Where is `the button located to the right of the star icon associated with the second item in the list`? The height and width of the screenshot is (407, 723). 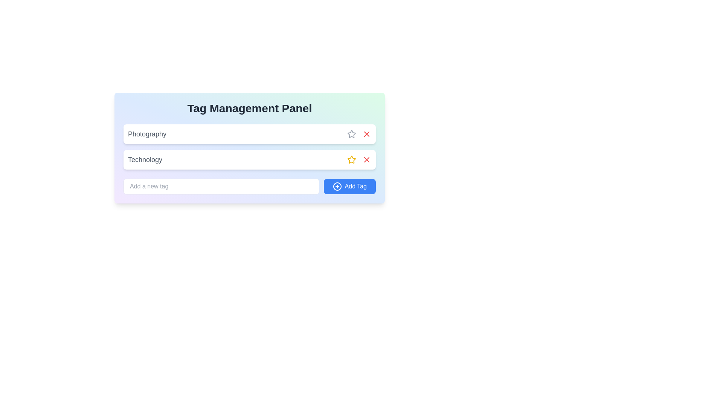 the button located to the right of the star icon associated with the second item in the list is located at coordinates (367, 159).